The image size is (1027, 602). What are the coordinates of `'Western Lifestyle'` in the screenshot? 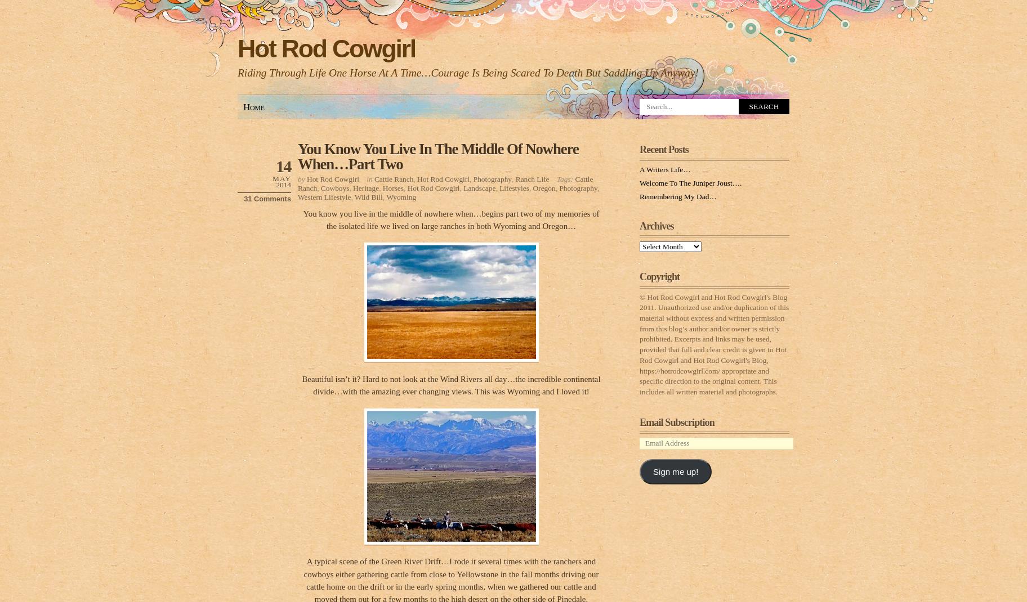 It's located at (324, 196).